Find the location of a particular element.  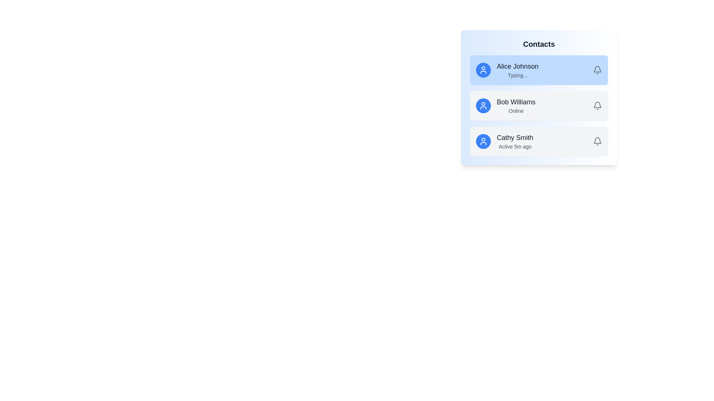

the bell icon in the 'Contacts' modal, which indicates notifications and is located adjacent to 'Bob Williams' in the user interface is located at coordinates (598, 140).